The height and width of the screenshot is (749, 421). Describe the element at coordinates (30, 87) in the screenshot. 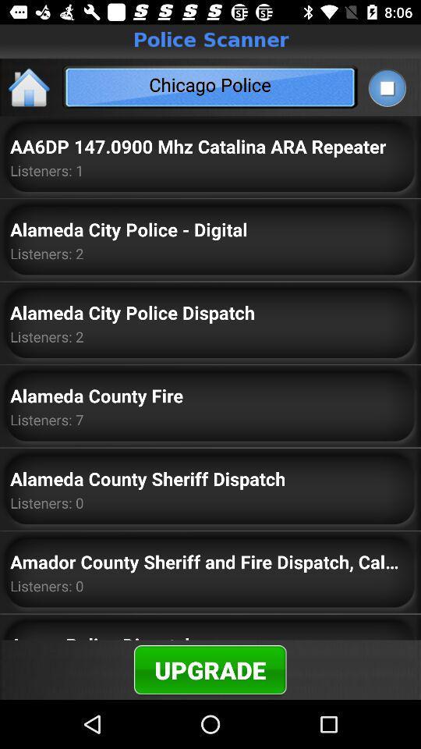

I see `the home icon` at that location.